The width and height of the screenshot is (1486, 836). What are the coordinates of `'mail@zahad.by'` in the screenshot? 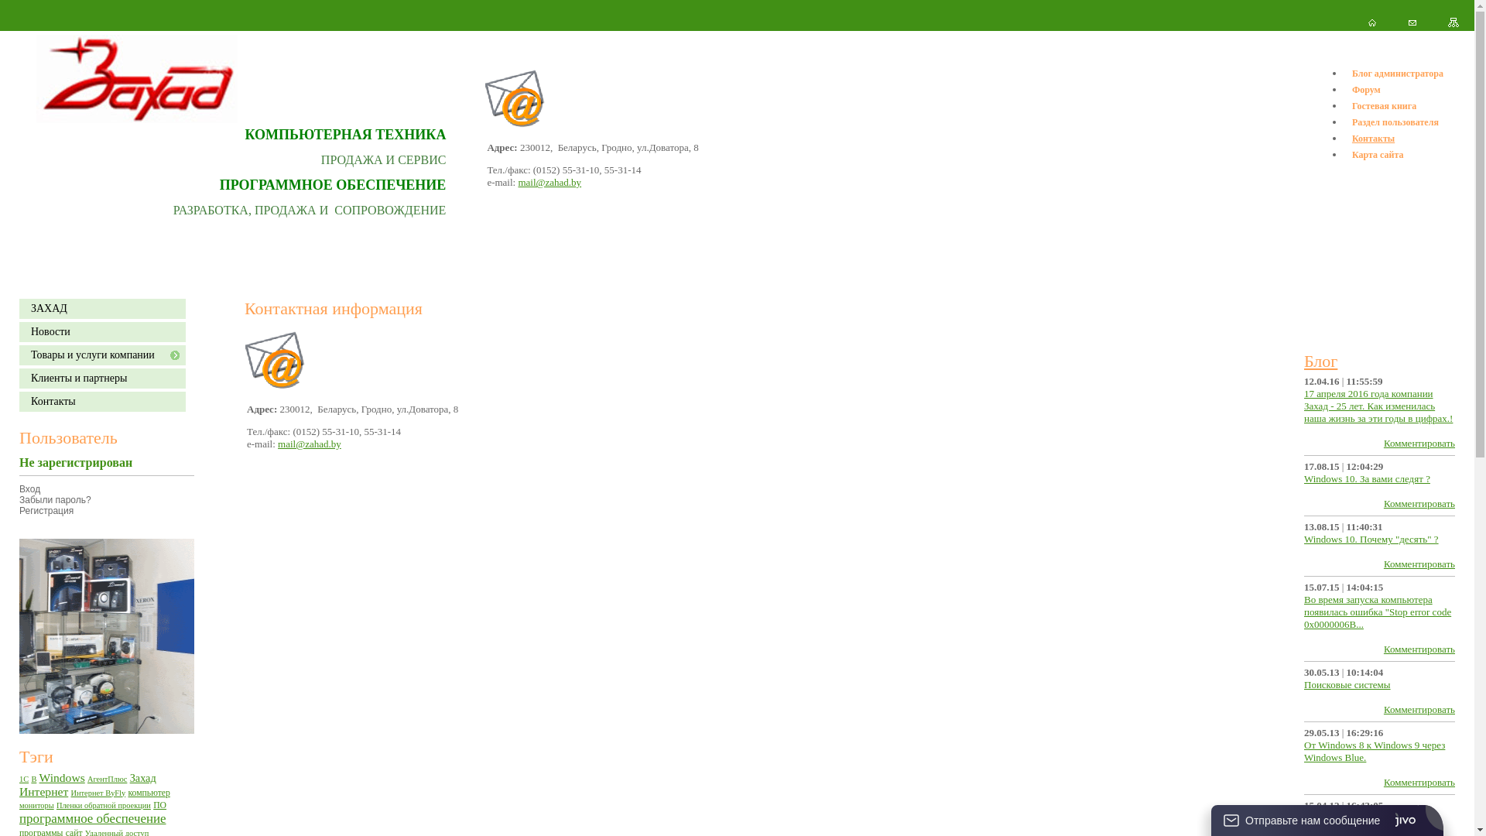 It's located at (309, 444).